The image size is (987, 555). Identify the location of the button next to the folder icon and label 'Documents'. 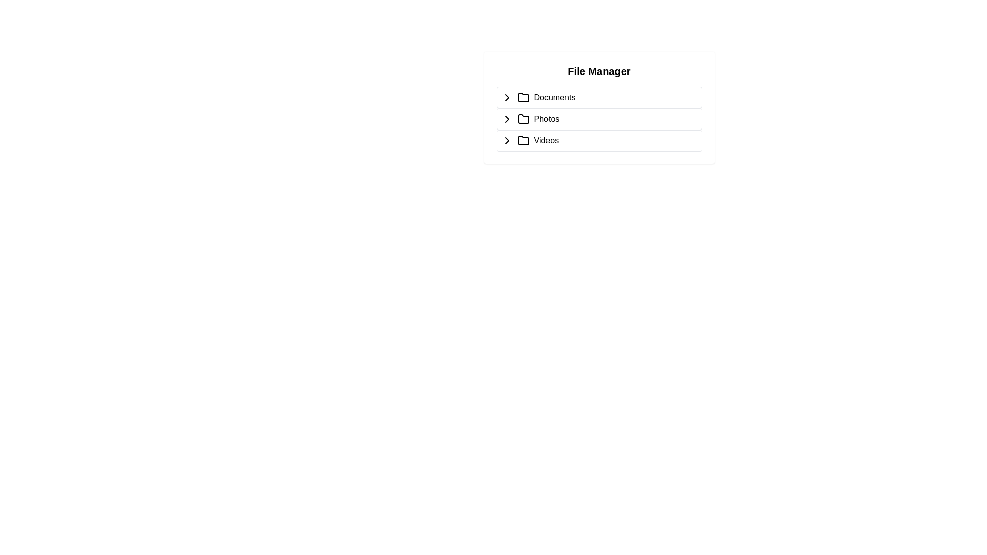
(507, 97).